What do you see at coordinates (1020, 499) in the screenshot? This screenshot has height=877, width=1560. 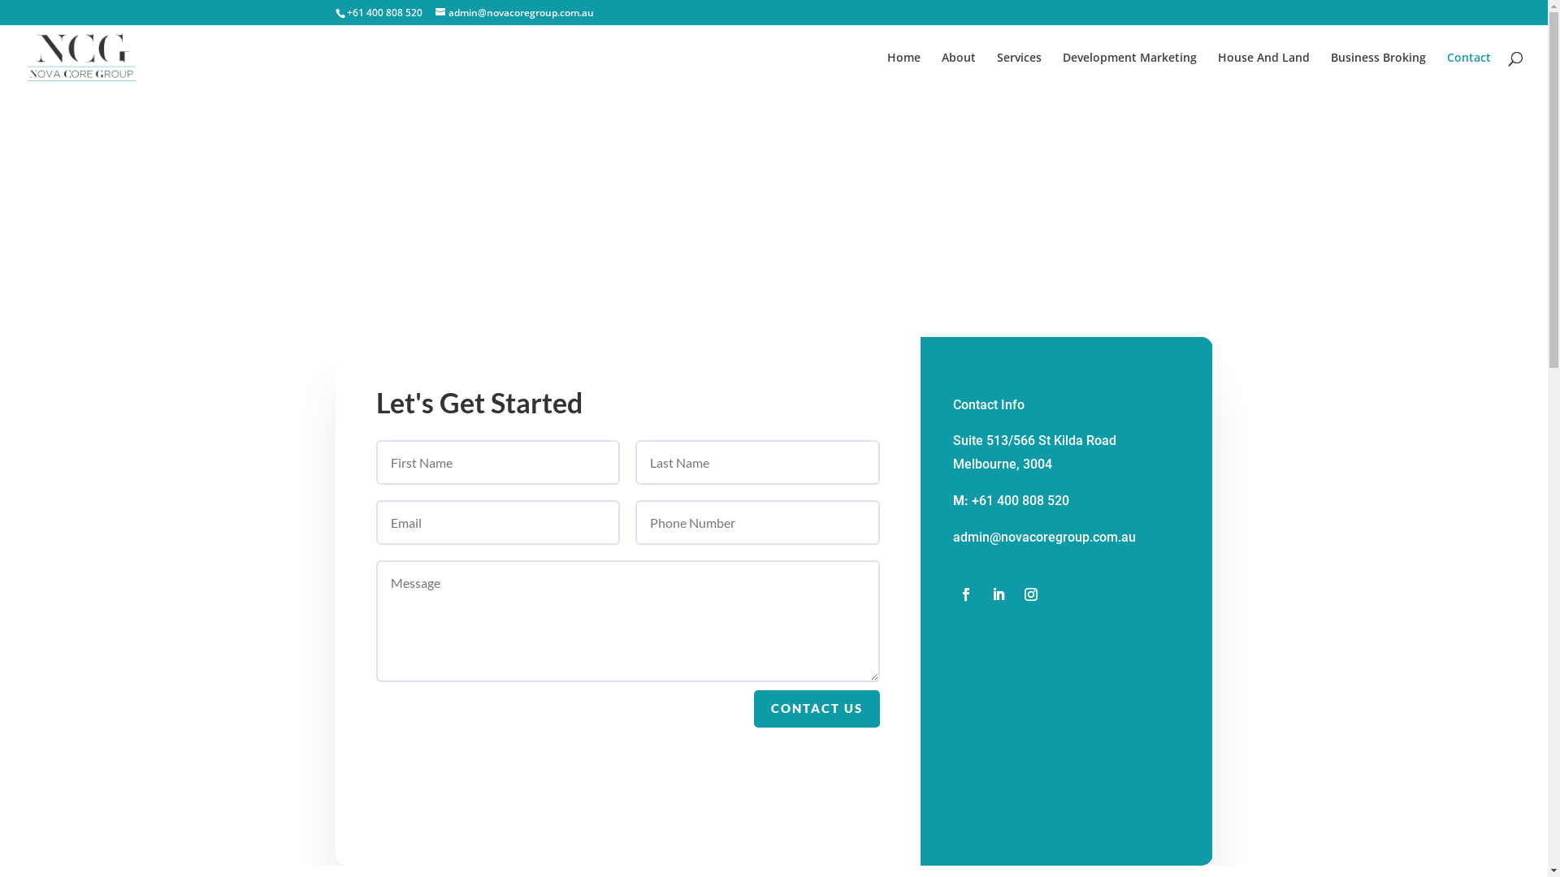 I see `'+61 400 808 520'` at bounding box center [1020, 499].